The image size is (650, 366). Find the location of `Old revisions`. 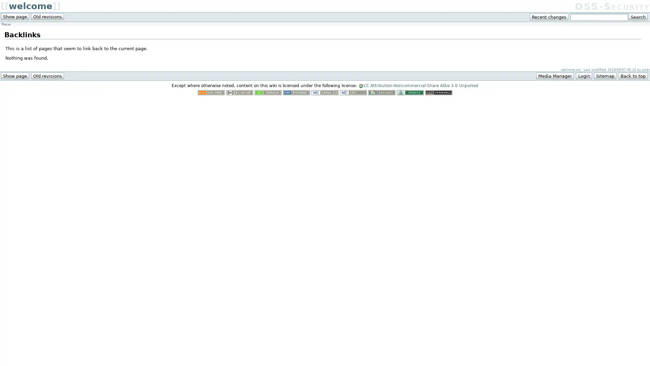

Old revisions is located at coordinates (47, 76).